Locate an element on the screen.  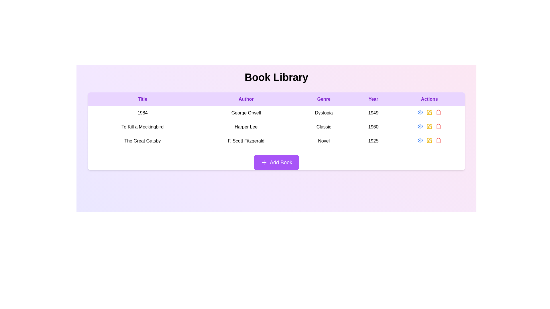
the blue eye icon button located in the first row of the 'Actions' column in the table is located at coordinates (420, 112).